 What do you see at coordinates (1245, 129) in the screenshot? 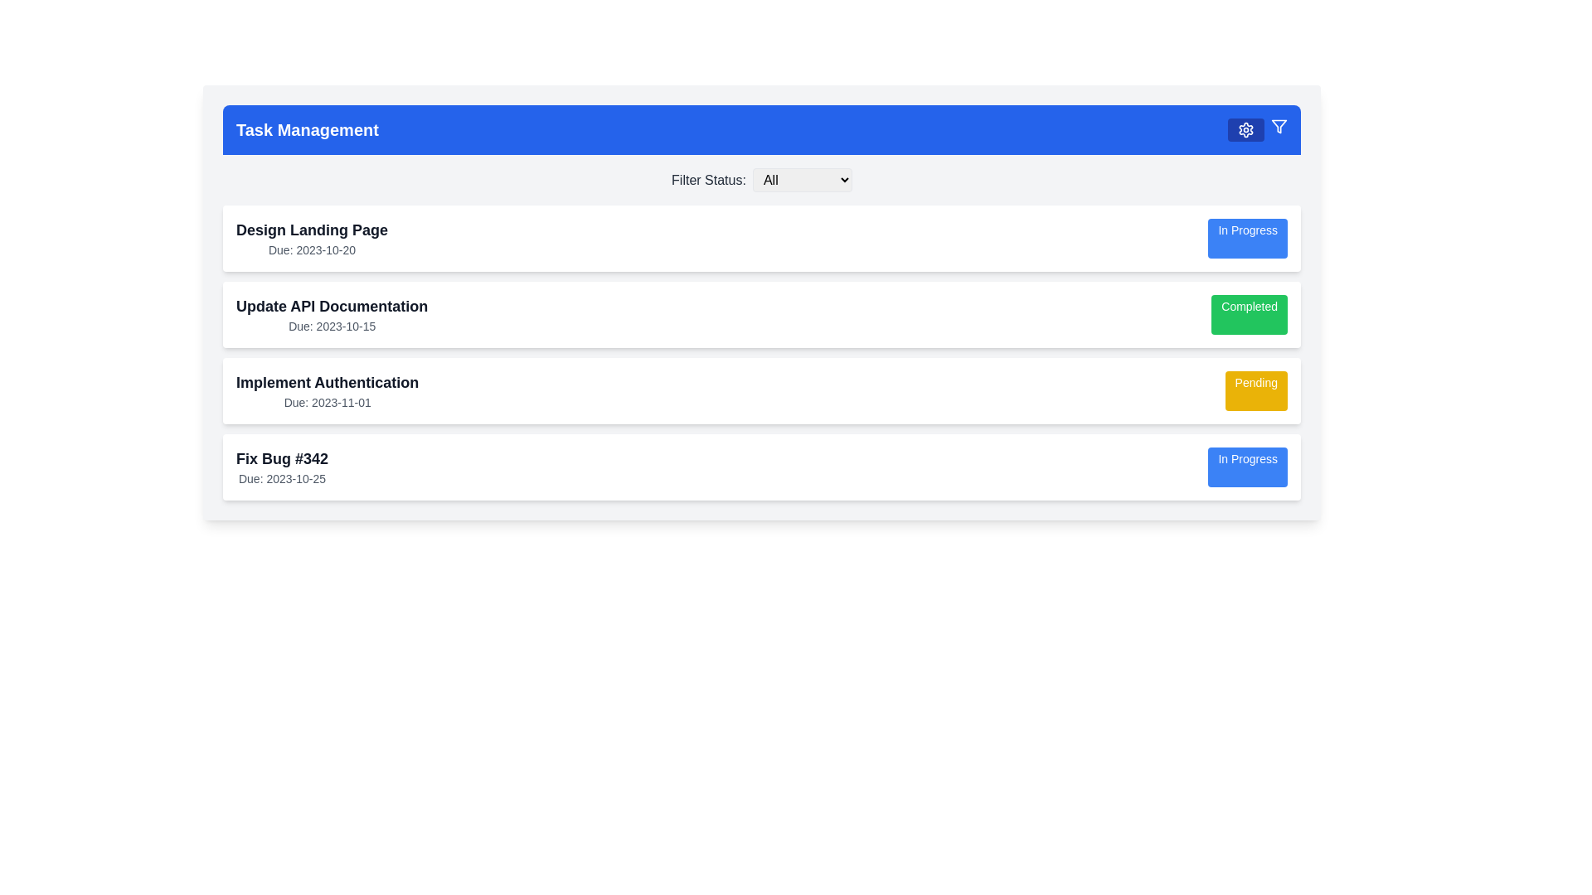
I see `the settings button located on the header bar` at bounding box center [1245, 129].